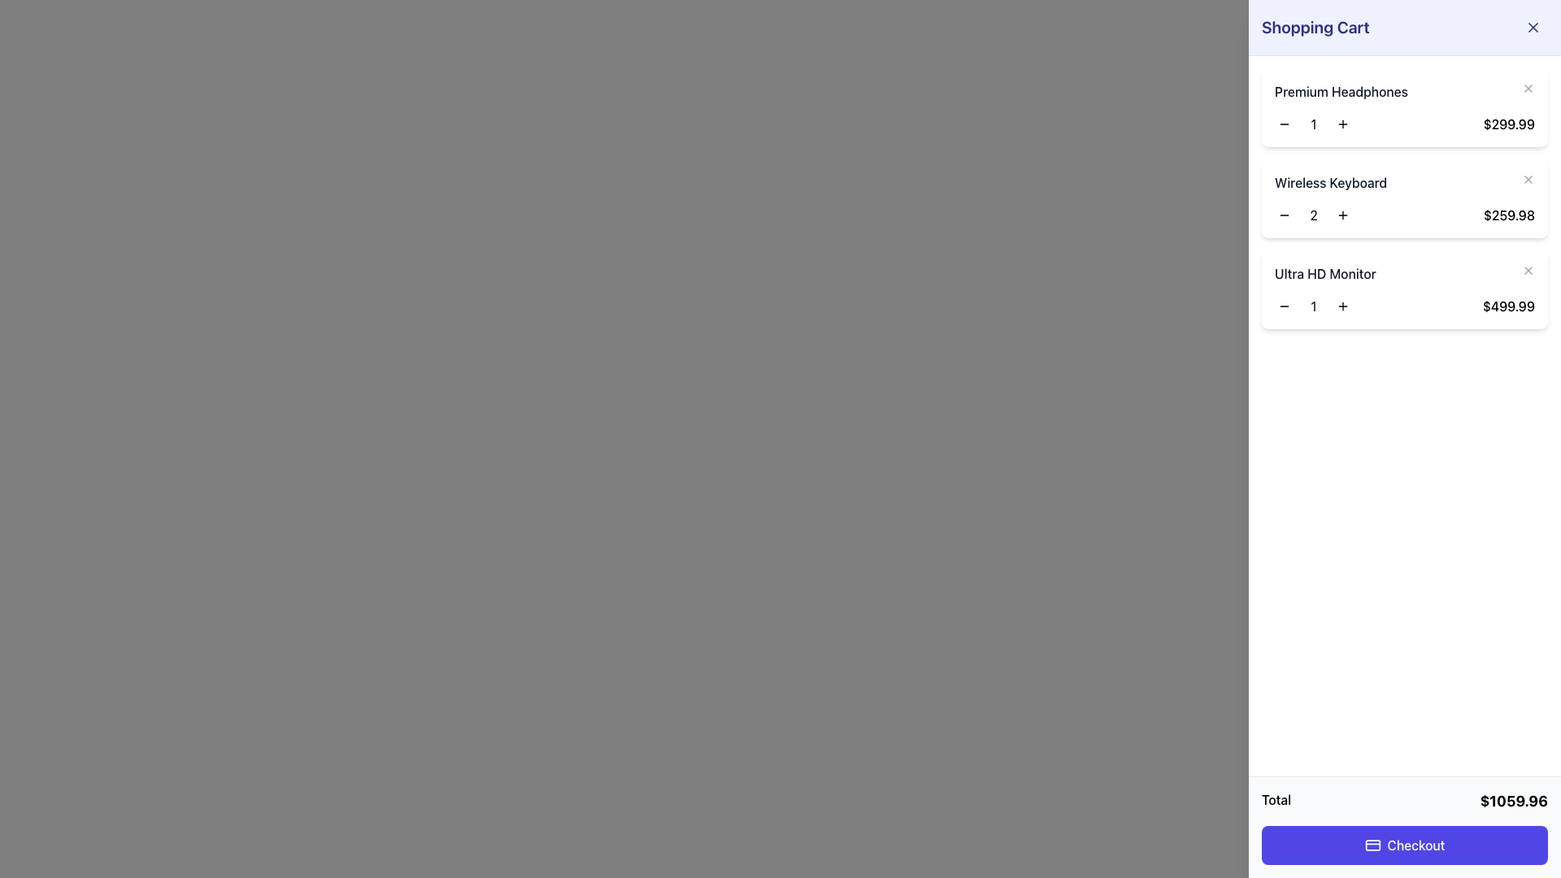 This screenshot has height=878, width=1561. I want to click on the static text label displaying 'Ultra HD Monitor' in the shopping cart interface, located in the right-hand sidebar under the 'Shopping Cart' section, so click(1325, 272).